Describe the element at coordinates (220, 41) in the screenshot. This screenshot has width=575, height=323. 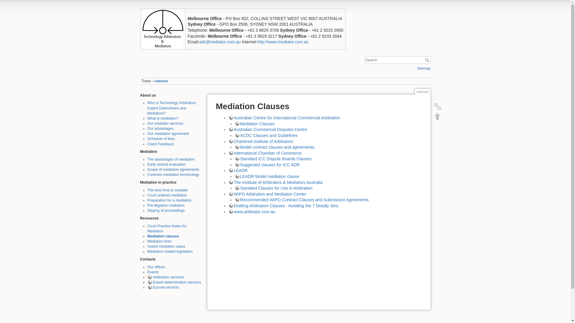
I see `'adr@mediator.com.au'` at that location.